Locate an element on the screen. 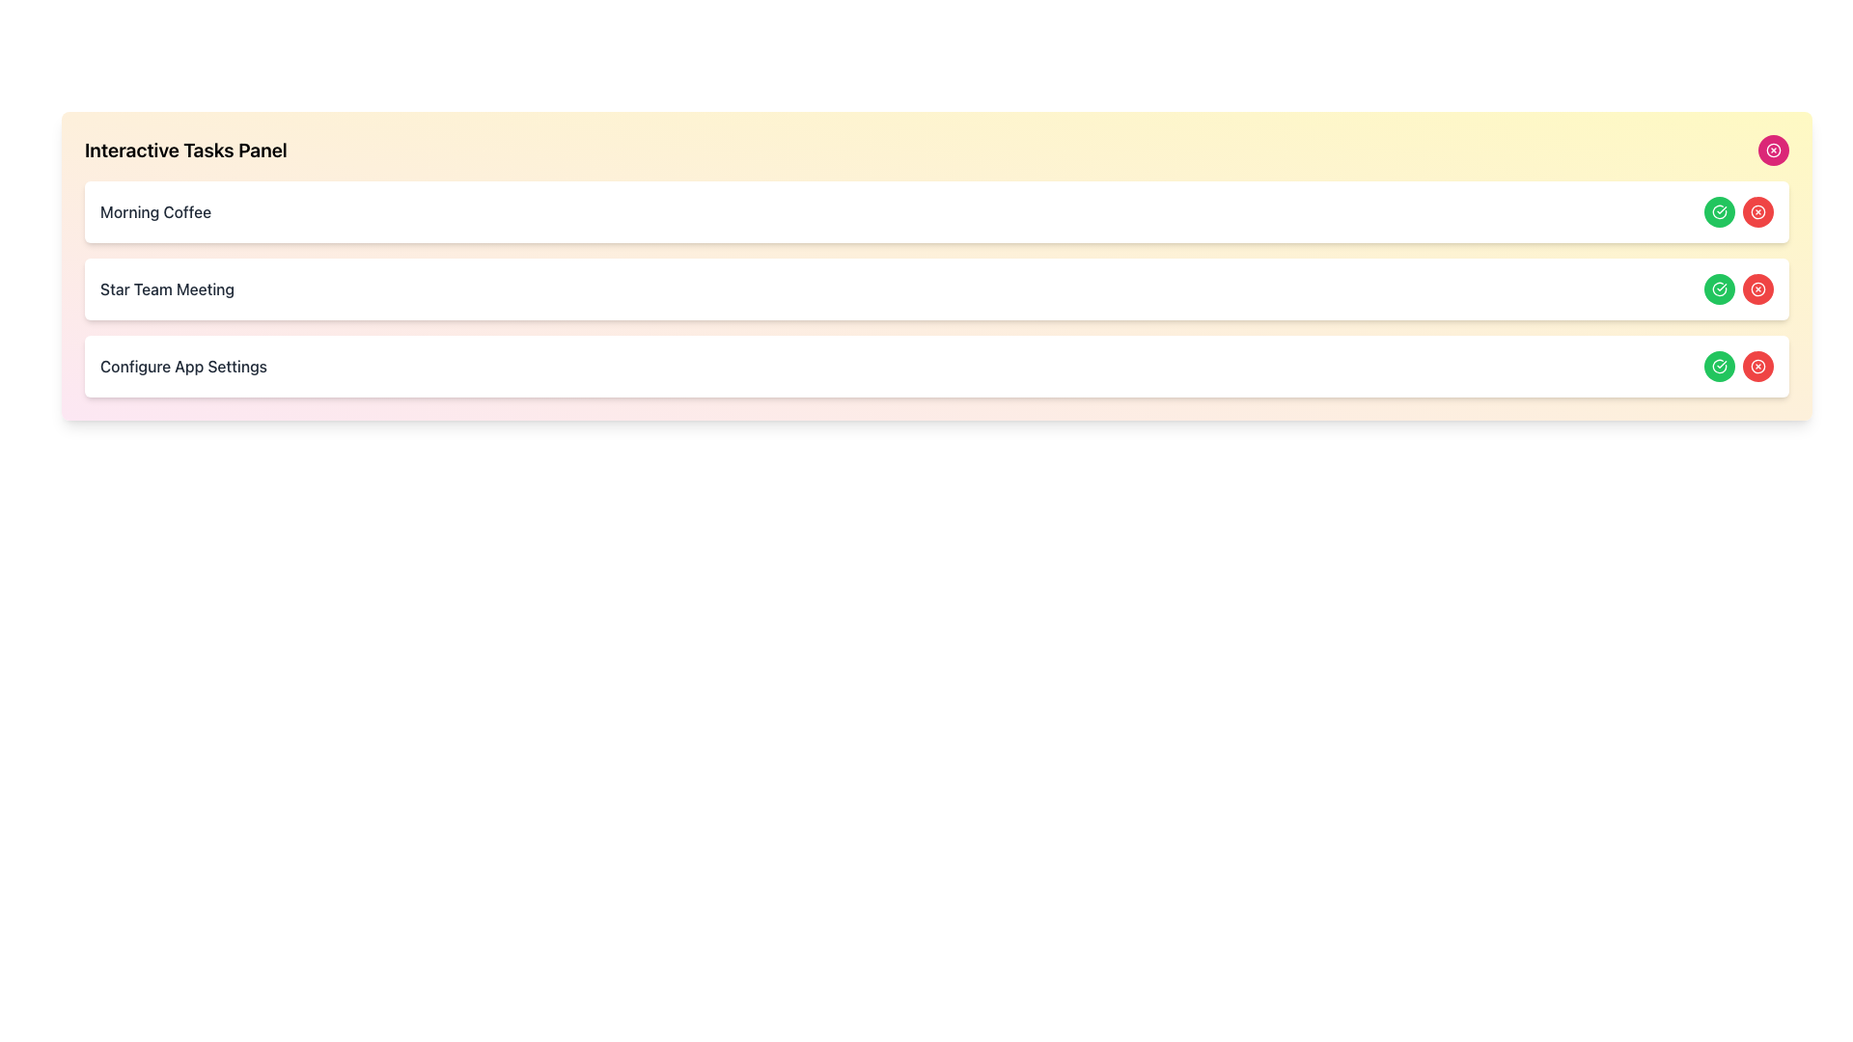  the larger outer circle of the SVG icon located in the top-right corner of the 'Interactive Tasks Panel' is located at coordinates (1758, 211).